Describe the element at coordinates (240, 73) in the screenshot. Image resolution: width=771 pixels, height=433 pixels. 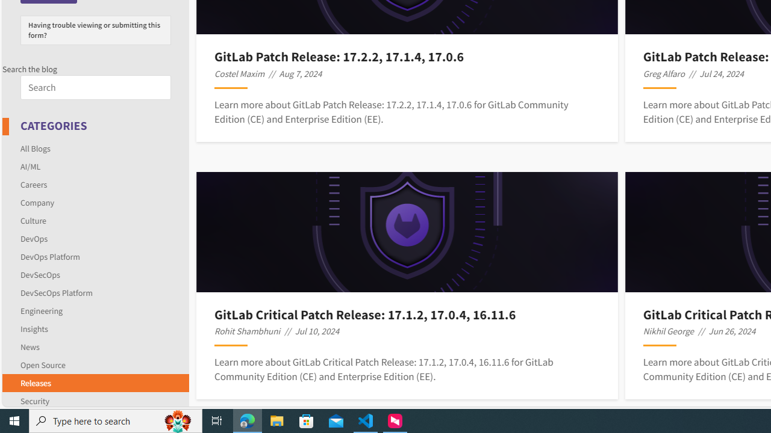
I see `'Costel Maxim'` at that location.